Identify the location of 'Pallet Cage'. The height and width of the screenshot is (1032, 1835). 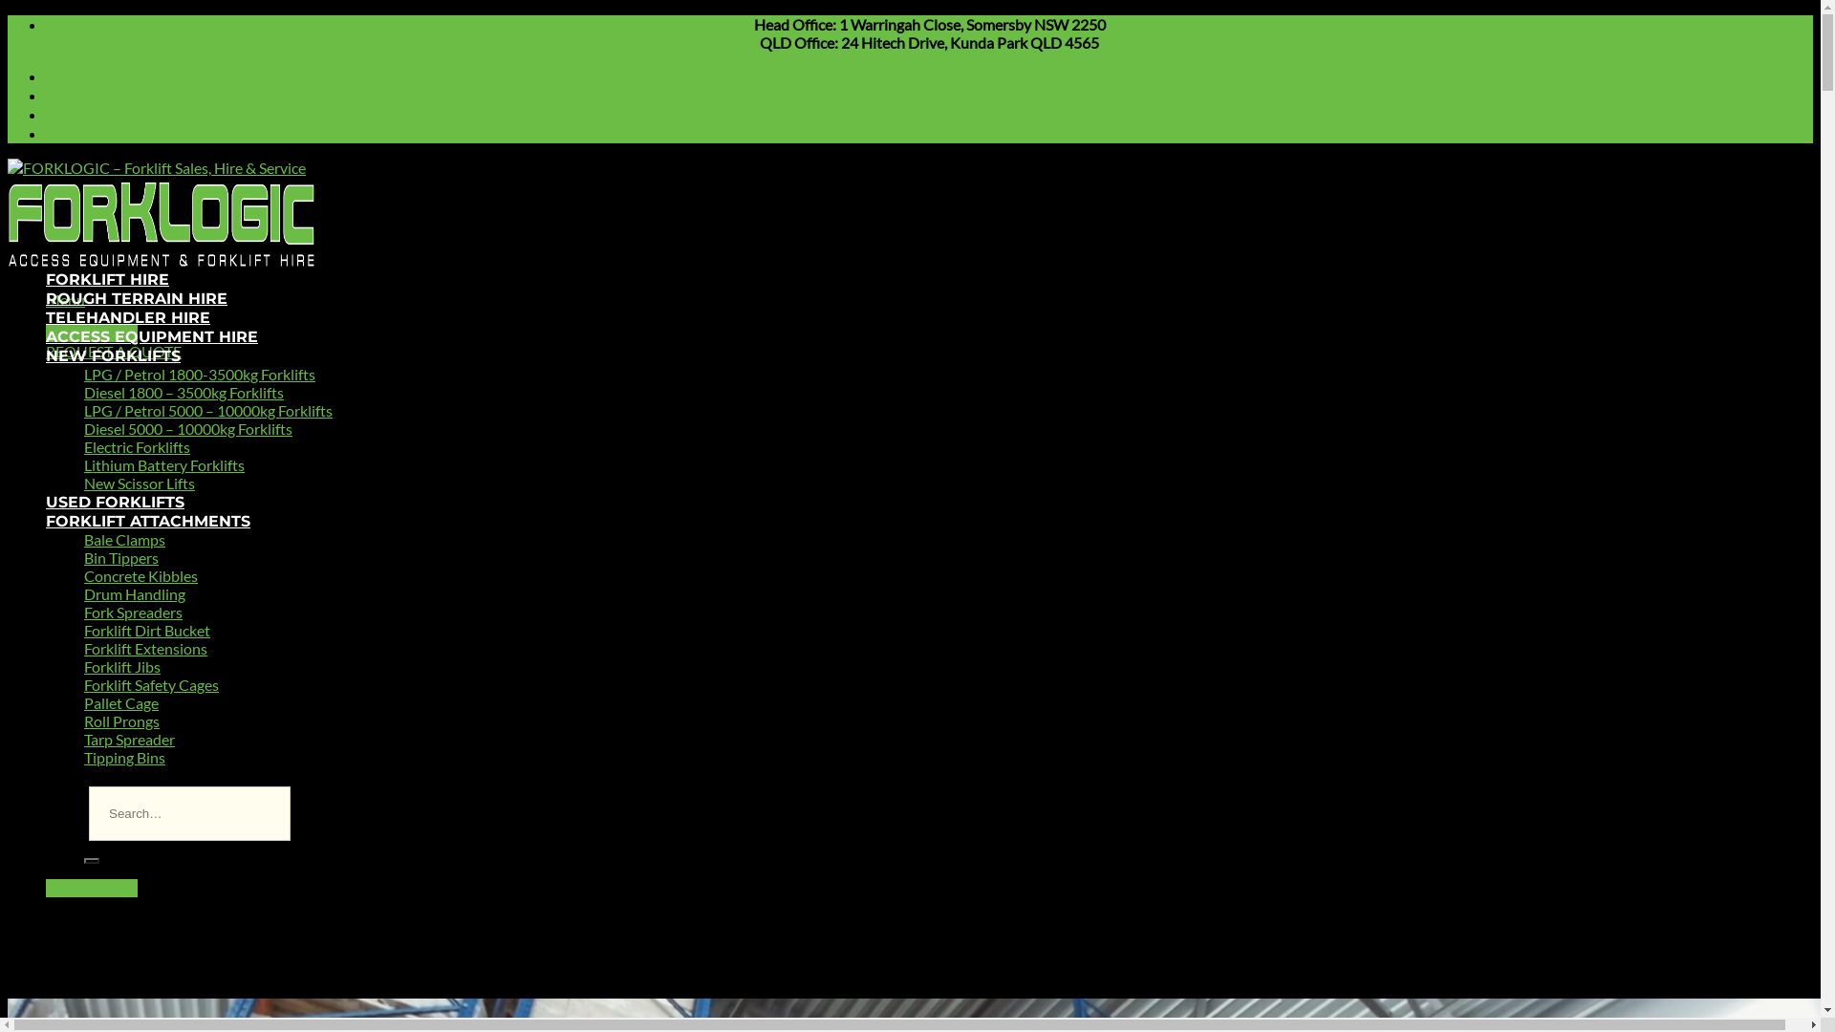
(119, 702).